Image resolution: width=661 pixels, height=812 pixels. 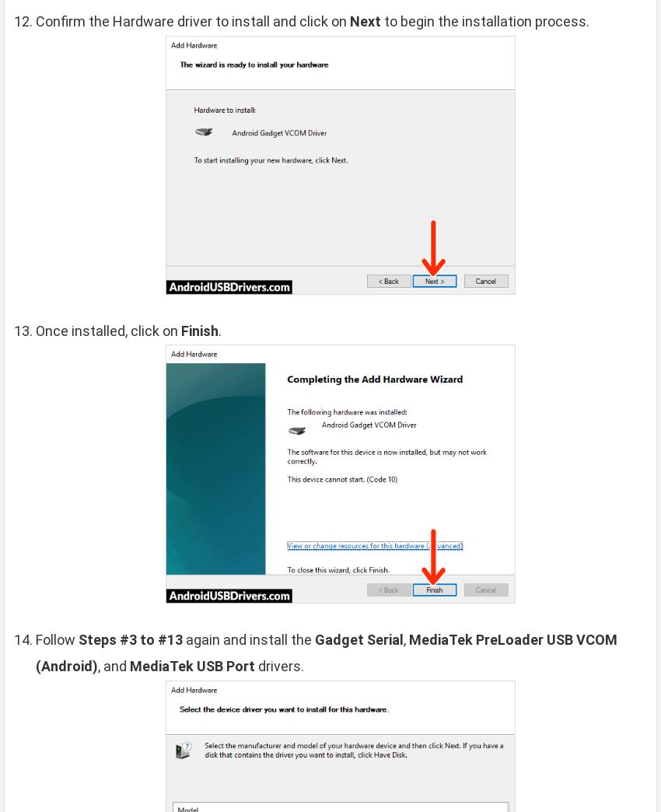 What do you see at coordinates (326, 652) in the screenshot?
I see `'MediaTek PreLoader USB VCOM (Android)'` at bounding box center [326, 652].